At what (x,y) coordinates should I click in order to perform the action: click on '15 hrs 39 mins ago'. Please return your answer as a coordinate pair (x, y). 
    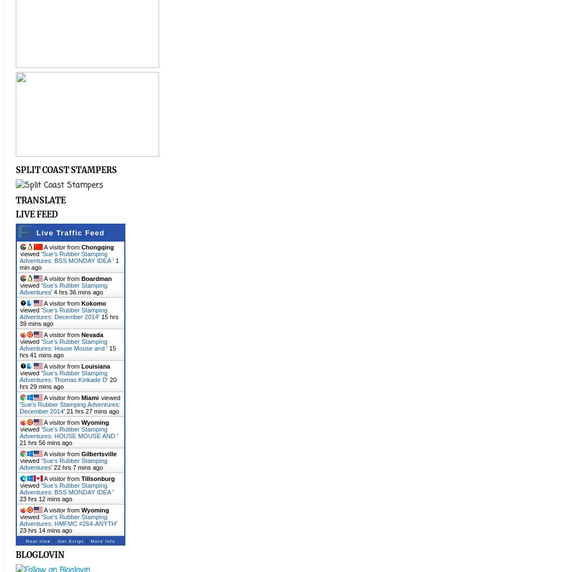
    Looking at the image, I should click on (68, 320).